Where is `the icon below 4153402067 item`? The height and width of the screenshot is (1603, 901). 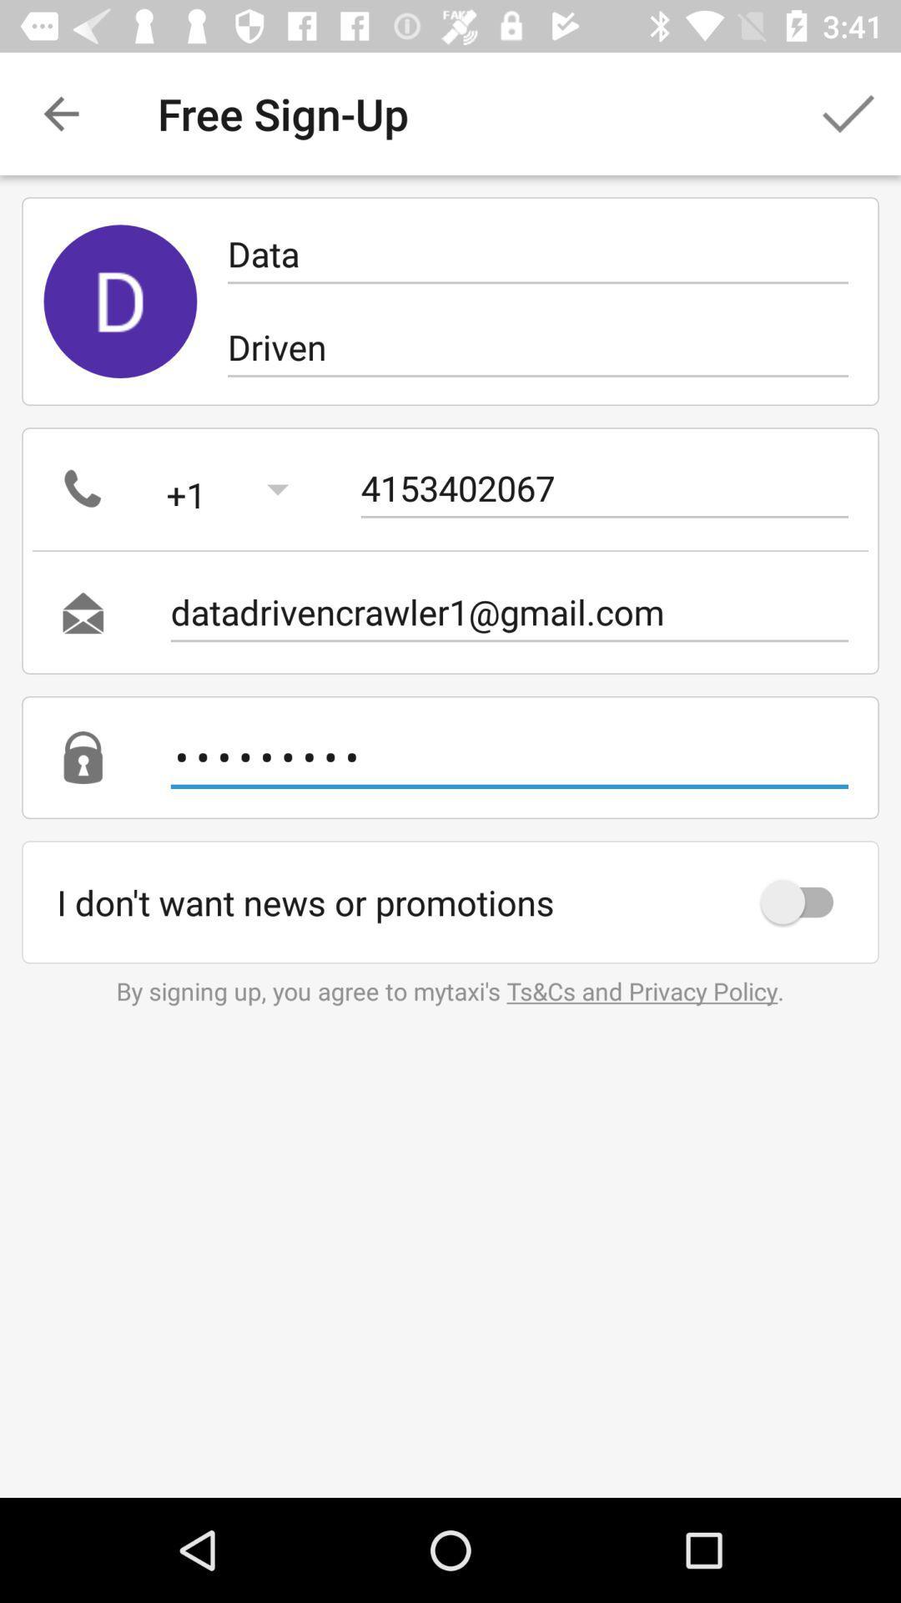
the icon below 4153402067 item is located at coordinates (508, 611).